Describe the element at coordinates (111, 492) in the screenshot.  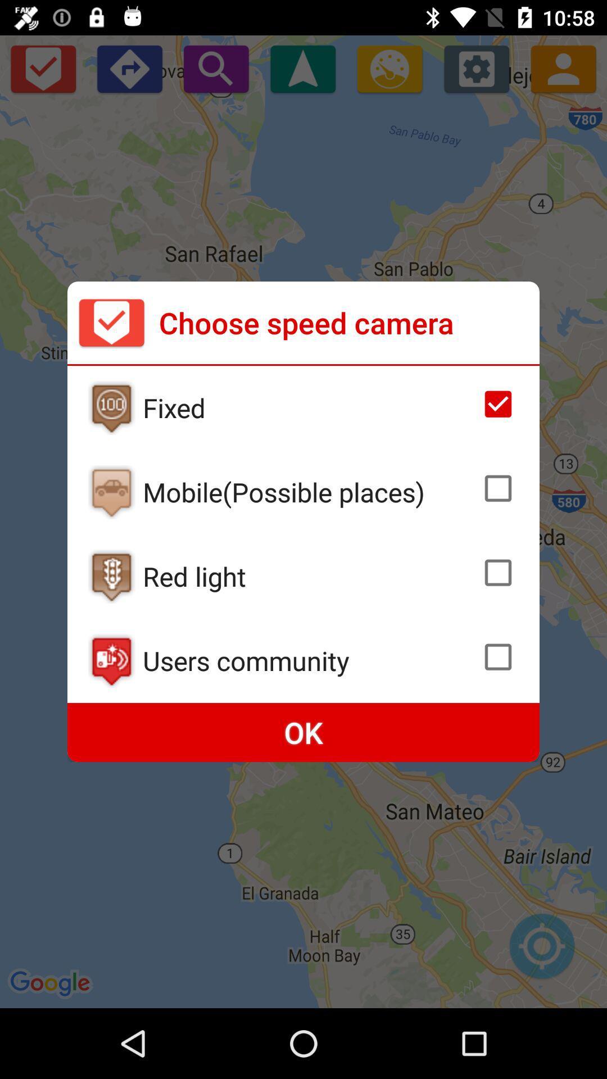
I see `mobile app` at that location.